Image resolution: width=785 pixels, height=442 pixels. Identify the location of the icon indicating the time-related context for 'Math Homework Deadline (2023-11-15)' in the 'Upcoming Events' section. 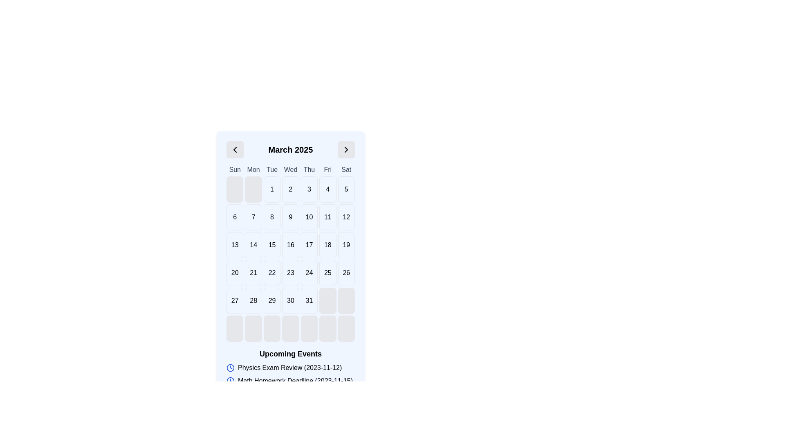
(230, 381).